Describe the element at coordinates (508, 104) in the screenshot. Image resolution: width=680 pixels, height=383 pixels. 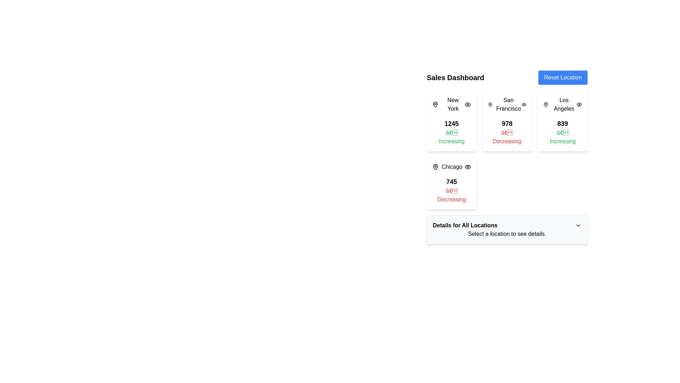
I see `the text element displaying 'San Francisco' in a medium-weight sans-serif font, located in the second card from the left in the top row of the card grid` at that location.